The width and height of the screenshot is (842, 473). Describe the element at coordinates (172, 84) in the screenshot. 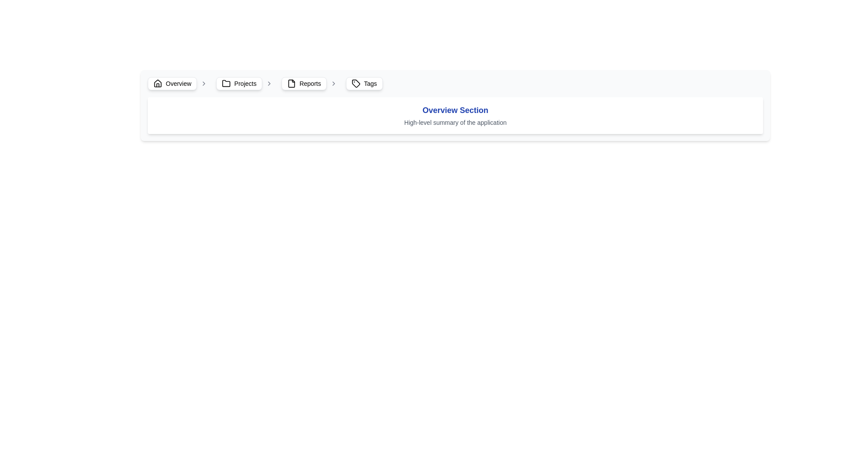

I see `the 'Overview' button located at the far left of the navigation bar, which has a white background, rounded corners, and contains a house icon on the left` at that location.